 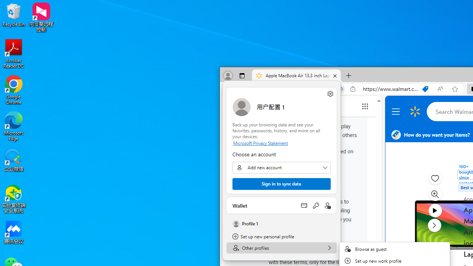 I want to click on 'Open payment methods', so click(x=304, y=205).